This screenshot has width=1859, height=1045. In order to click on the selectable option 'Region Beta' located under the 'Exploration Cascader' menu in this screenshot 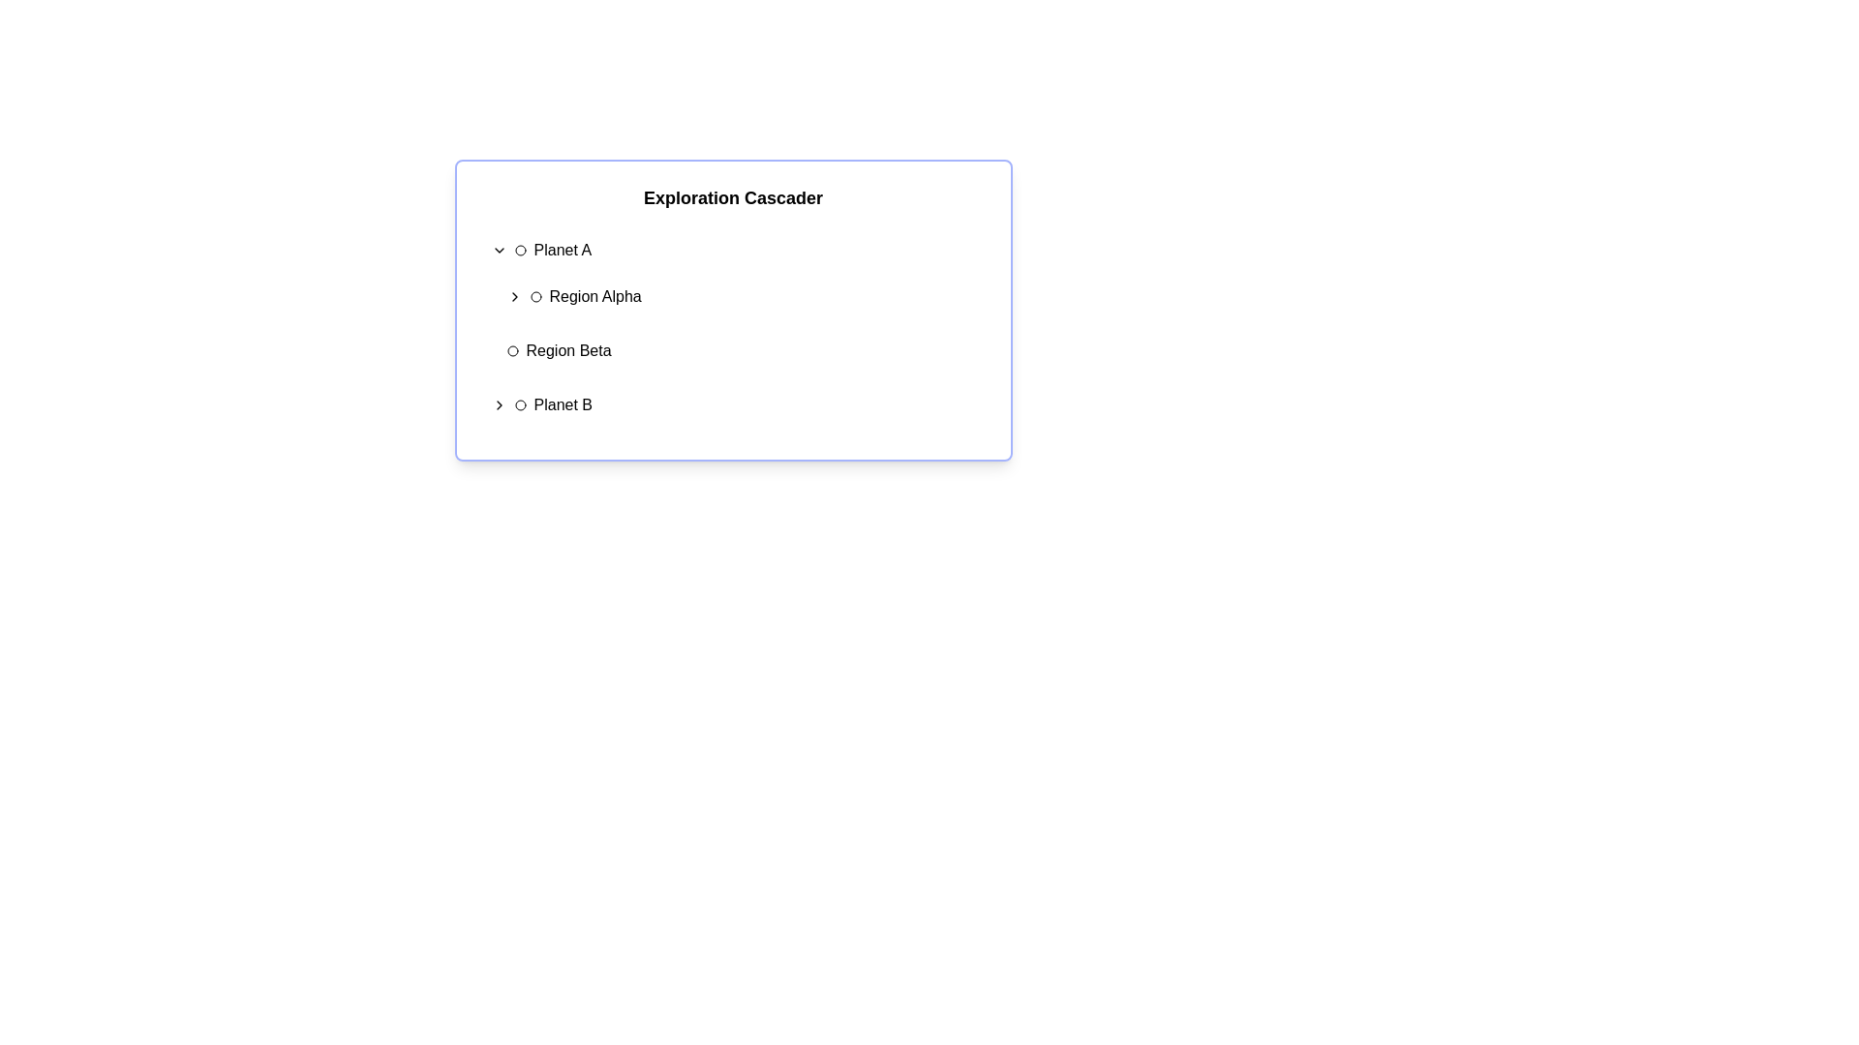, I will do `click(740, 350)`.